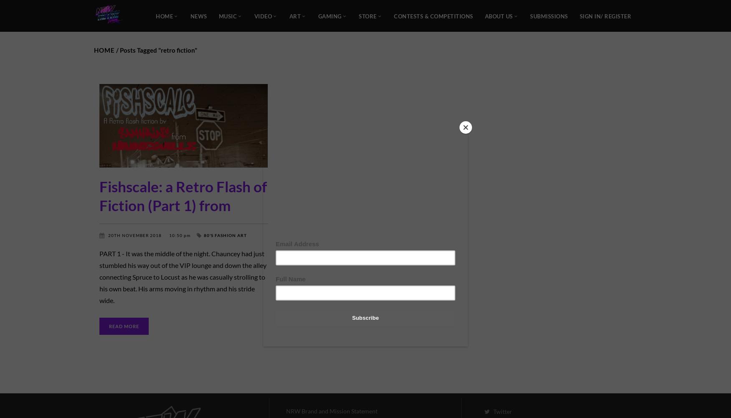  What do you see at coordinates (113, 241) in the screenshot?
I see `'Literature'` at bounding box center [113, 241].